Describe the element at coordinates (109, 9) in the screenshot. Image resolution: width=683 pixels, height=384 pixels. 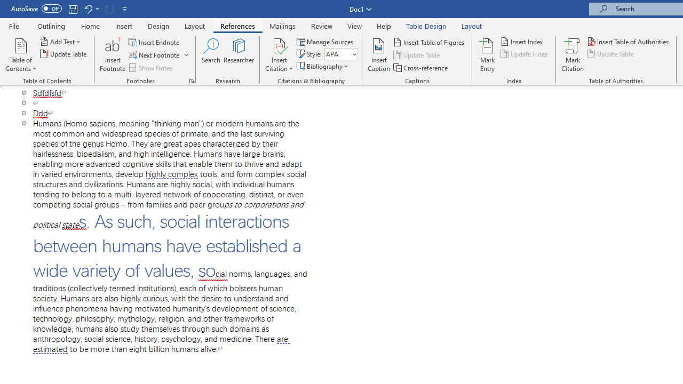
I see `'Can'` at that location.